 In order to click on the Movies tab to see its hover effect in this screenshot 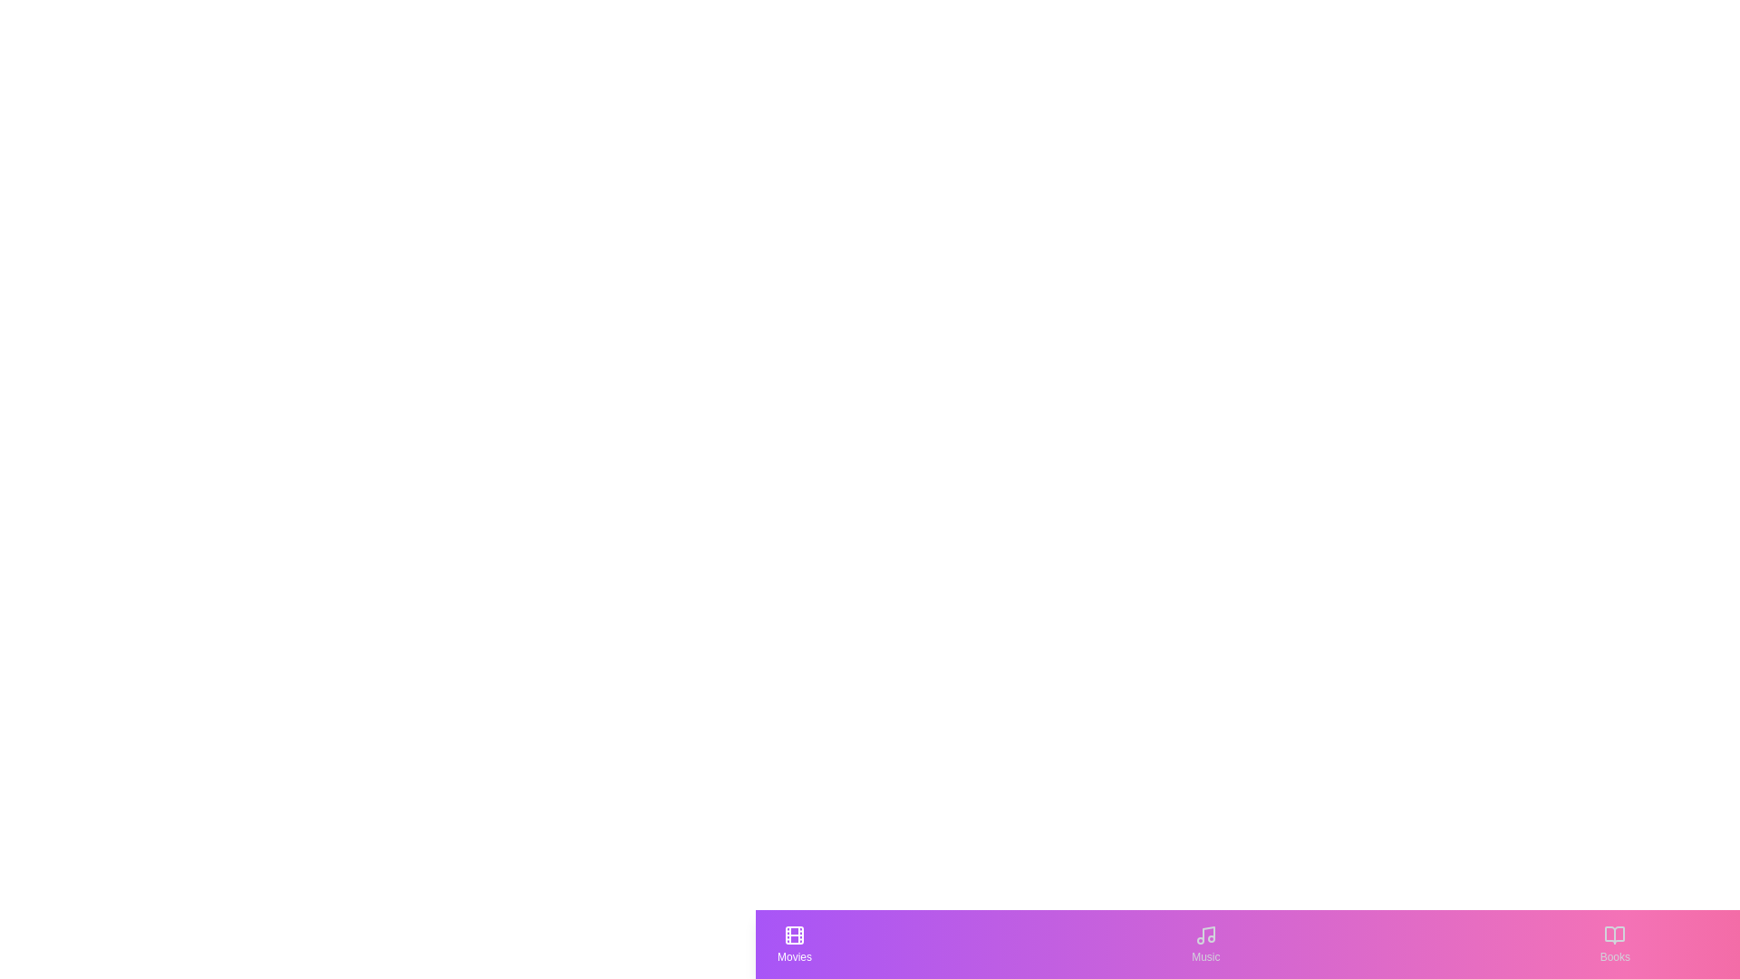, I will do `click(795, 943)`.